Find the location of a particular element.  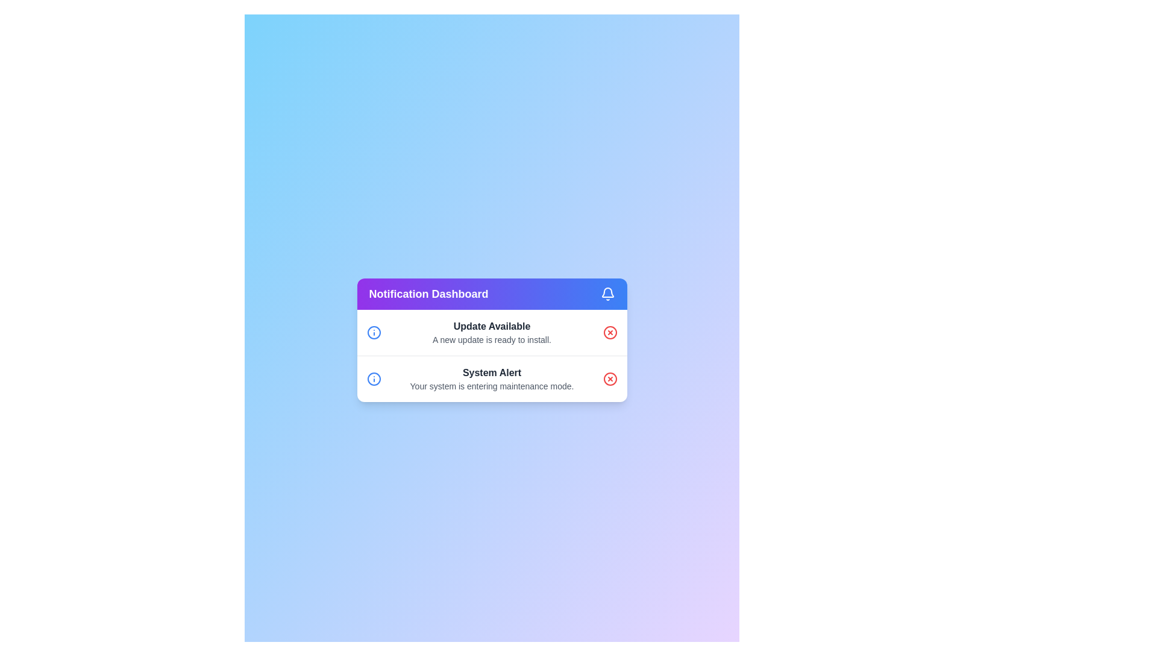

the circular graphical icon that signifies an information icon, located to the far left of the 'System Alert' notification row is located at coordinates (373, 332).